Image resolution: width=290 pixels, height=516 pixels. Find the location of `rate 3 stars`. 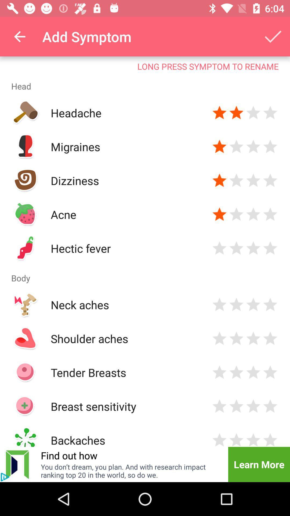

rate 3 stars is located at coordinates (253, 406).